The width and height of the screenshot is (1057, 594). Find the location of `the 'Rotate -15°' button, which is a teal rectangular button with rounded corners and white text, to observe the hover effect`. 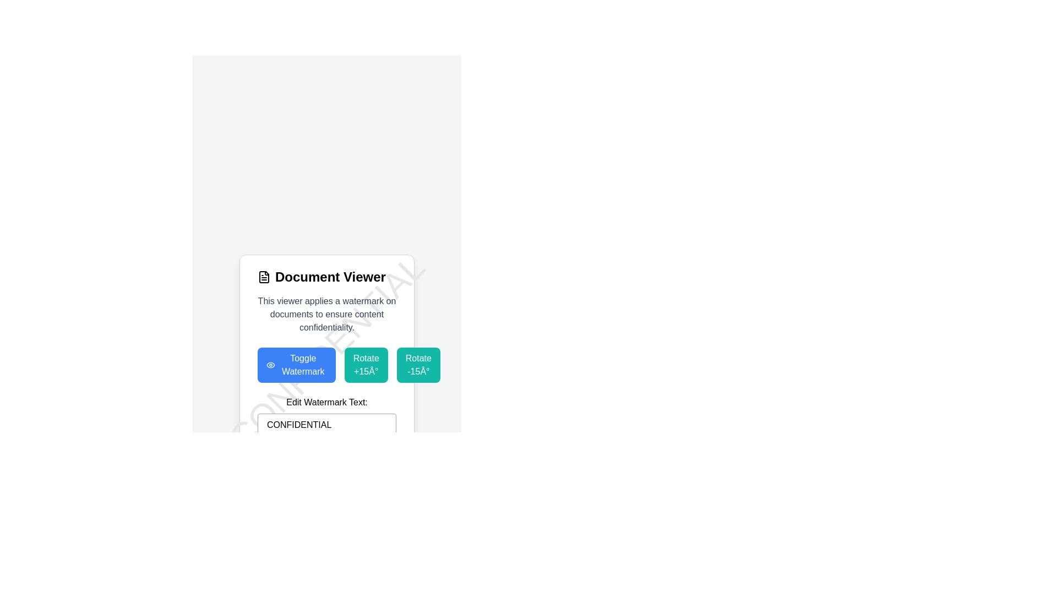

the 'Rotate -15°' button, which is a teal rectangular button with rounded corners and white text, to observe the hover effect is located at coordinates (418, 365).